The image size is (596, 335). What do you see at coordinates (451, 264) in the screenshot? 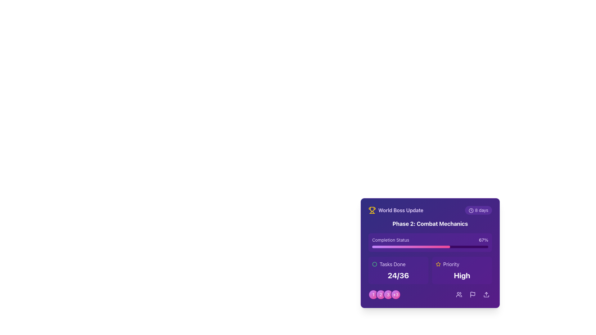
I see `the static text label indicating the priority status of the task, located in the lower portion of the card interface, adjacent to a yellow star icon, right of the 'Tasks Done' section, and above the 'High' priority level text` at bounding box center [451, 264].